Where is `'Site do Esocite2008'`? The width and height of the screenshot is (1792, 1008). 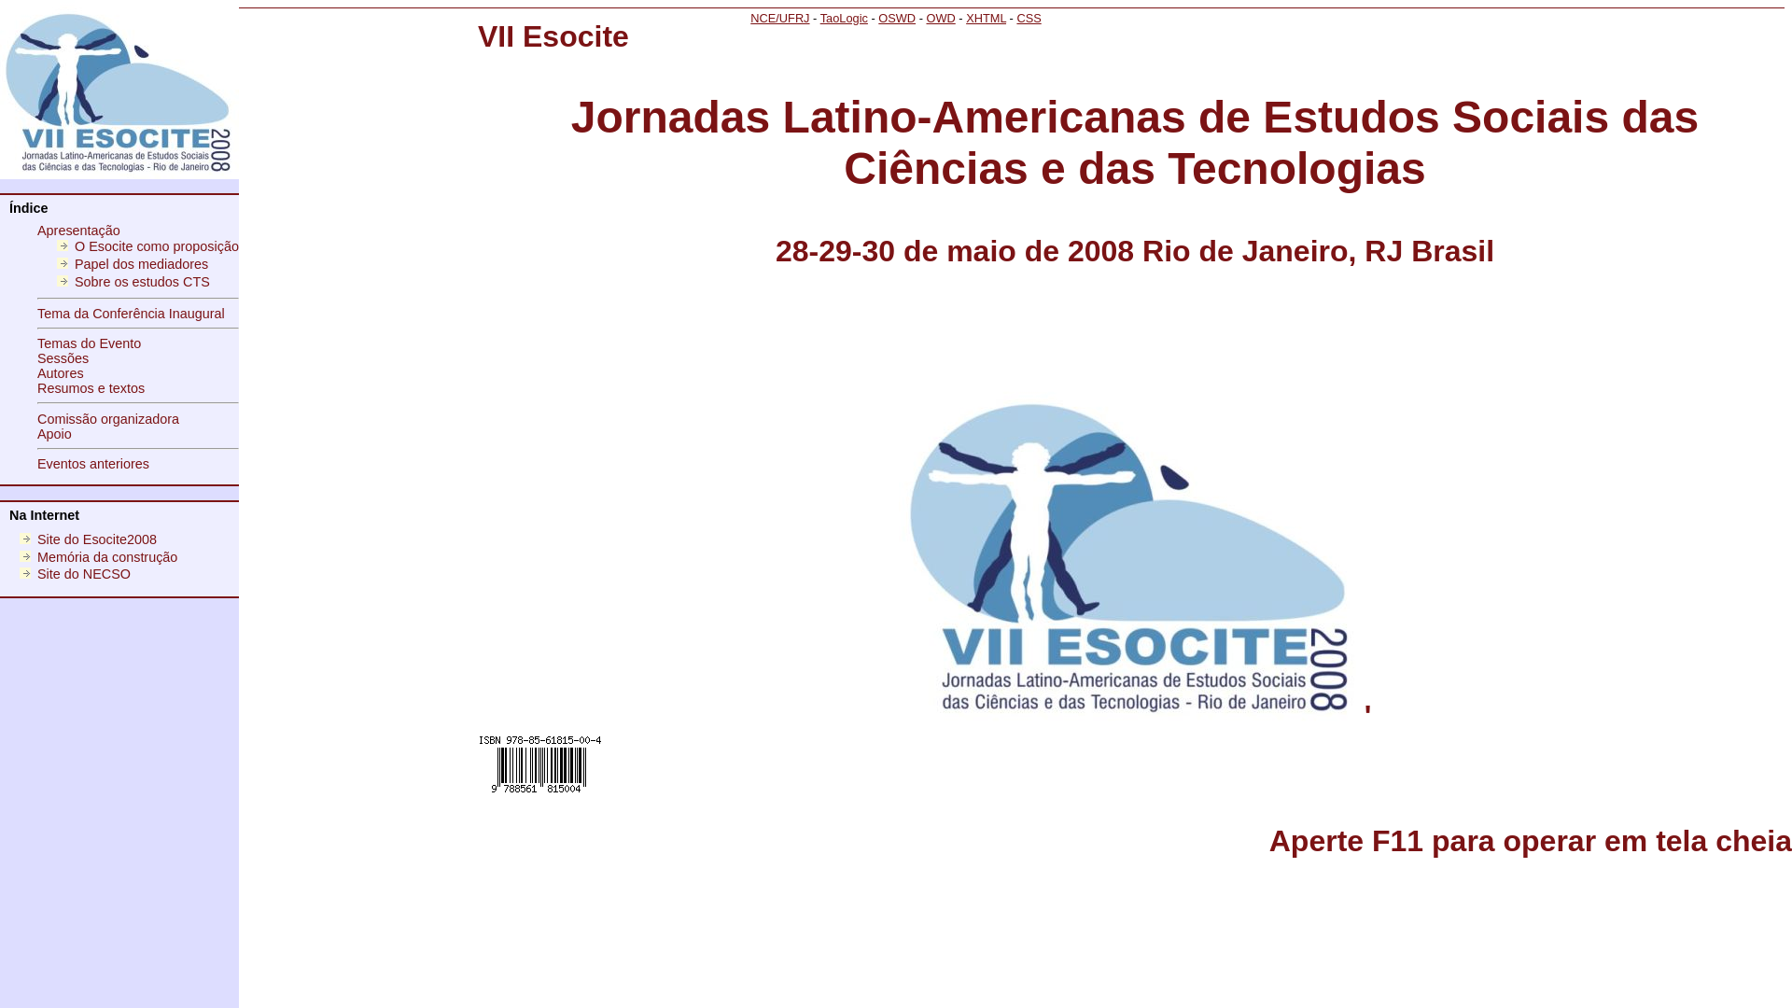
'Site do Esocite2008' is located at coordinates (36, 539).